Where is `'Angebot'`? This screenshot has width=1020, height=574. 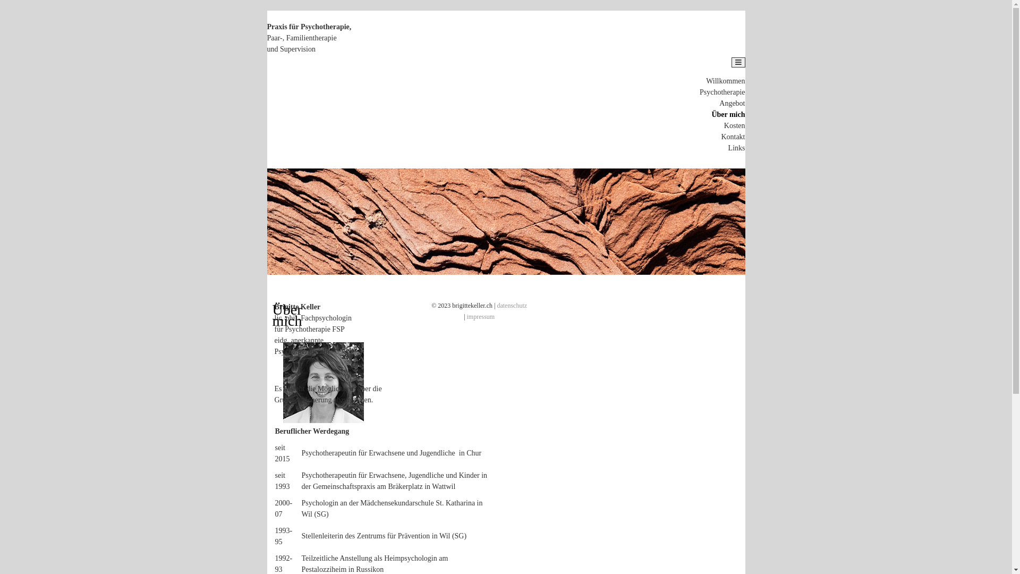
'Angebot' is located at coordinates (731, 103).